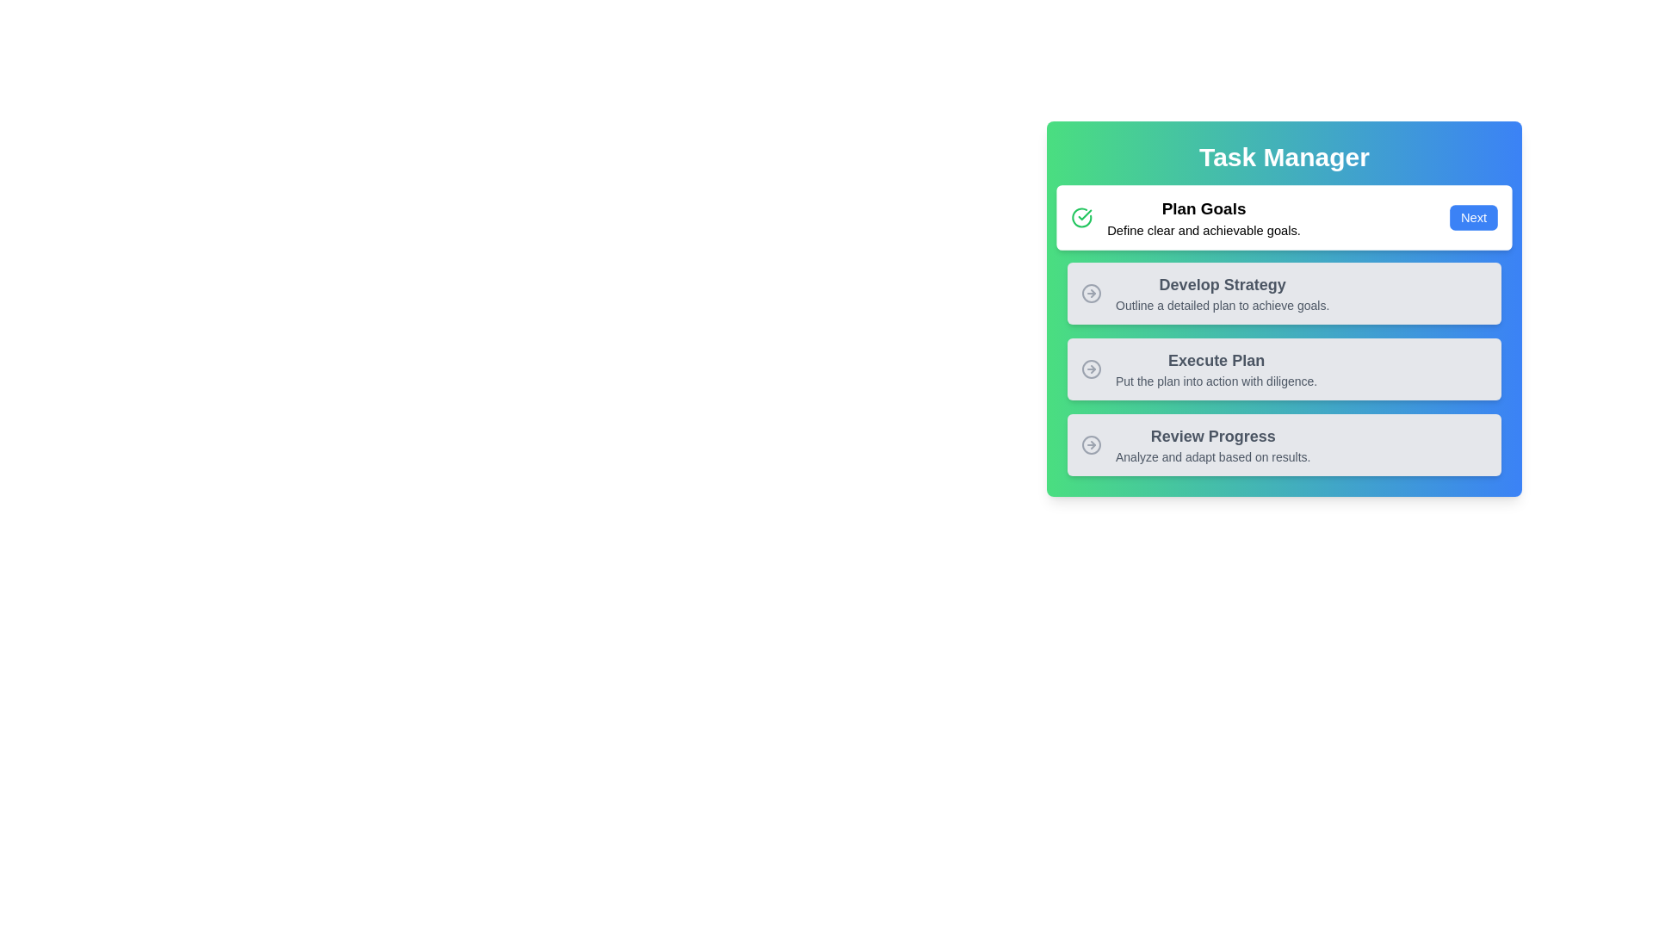  What do you see at coordinates (1090, 443) in the screenshot?
I see `the circular button icon featuring a right-arrow inside, located to the left of the text 'Review Progress' in the task list interface` at bounding box center [1090, 443].